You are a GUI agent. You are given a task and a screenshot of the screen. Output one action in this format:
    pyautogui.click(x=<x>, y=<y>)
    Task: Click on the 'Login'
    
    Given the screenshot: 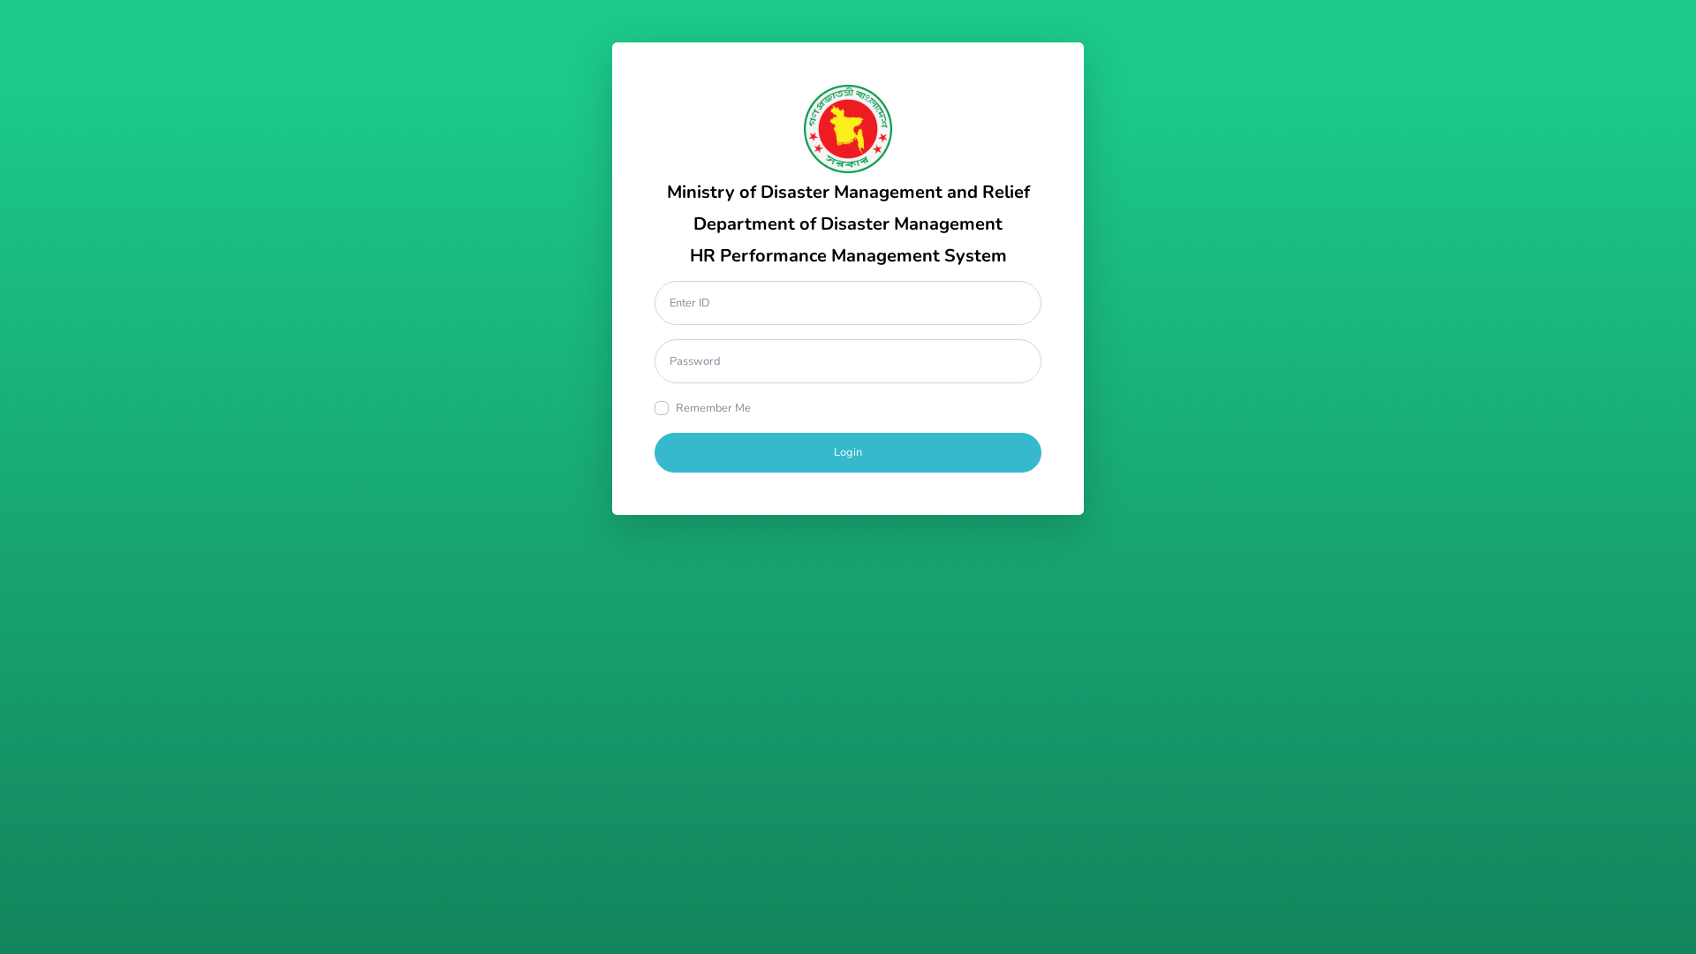 What is the action you would take?
    pyautogui.click(x=848, y=451)
    